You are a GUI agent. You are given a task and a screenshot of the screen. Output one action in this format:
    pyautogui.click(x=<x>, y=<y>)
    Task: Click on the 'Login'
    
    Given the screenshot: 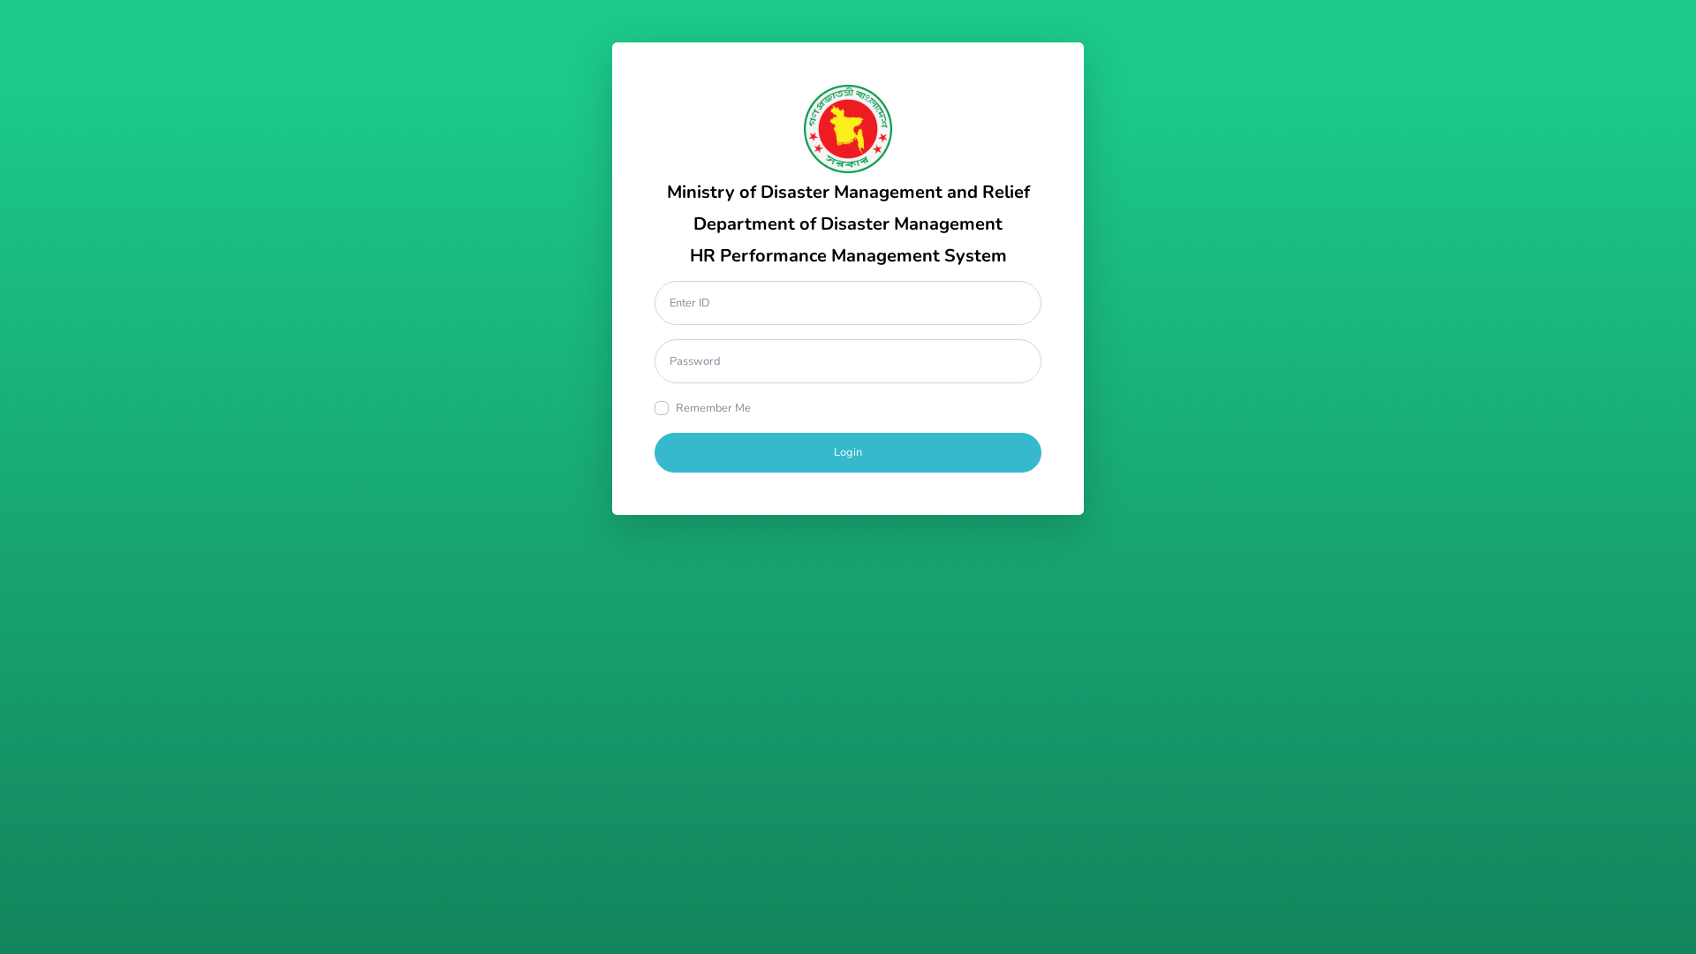 What is the action you would take?
    pyautogui.click(x=848, y=451)
    